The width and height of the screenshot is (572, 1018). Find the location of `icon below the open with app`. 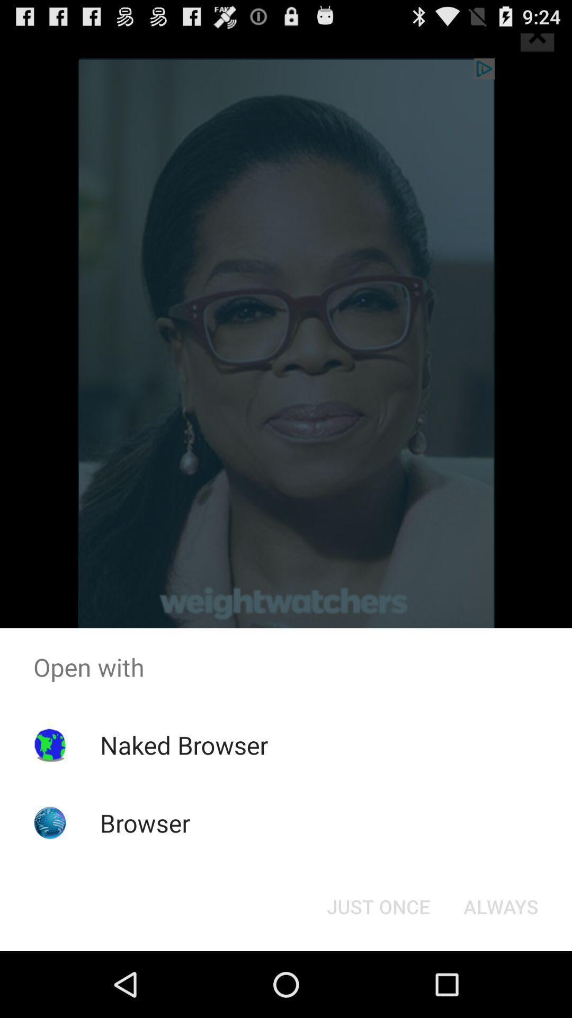

icon below the open with app is located at coordinates (183, 744).